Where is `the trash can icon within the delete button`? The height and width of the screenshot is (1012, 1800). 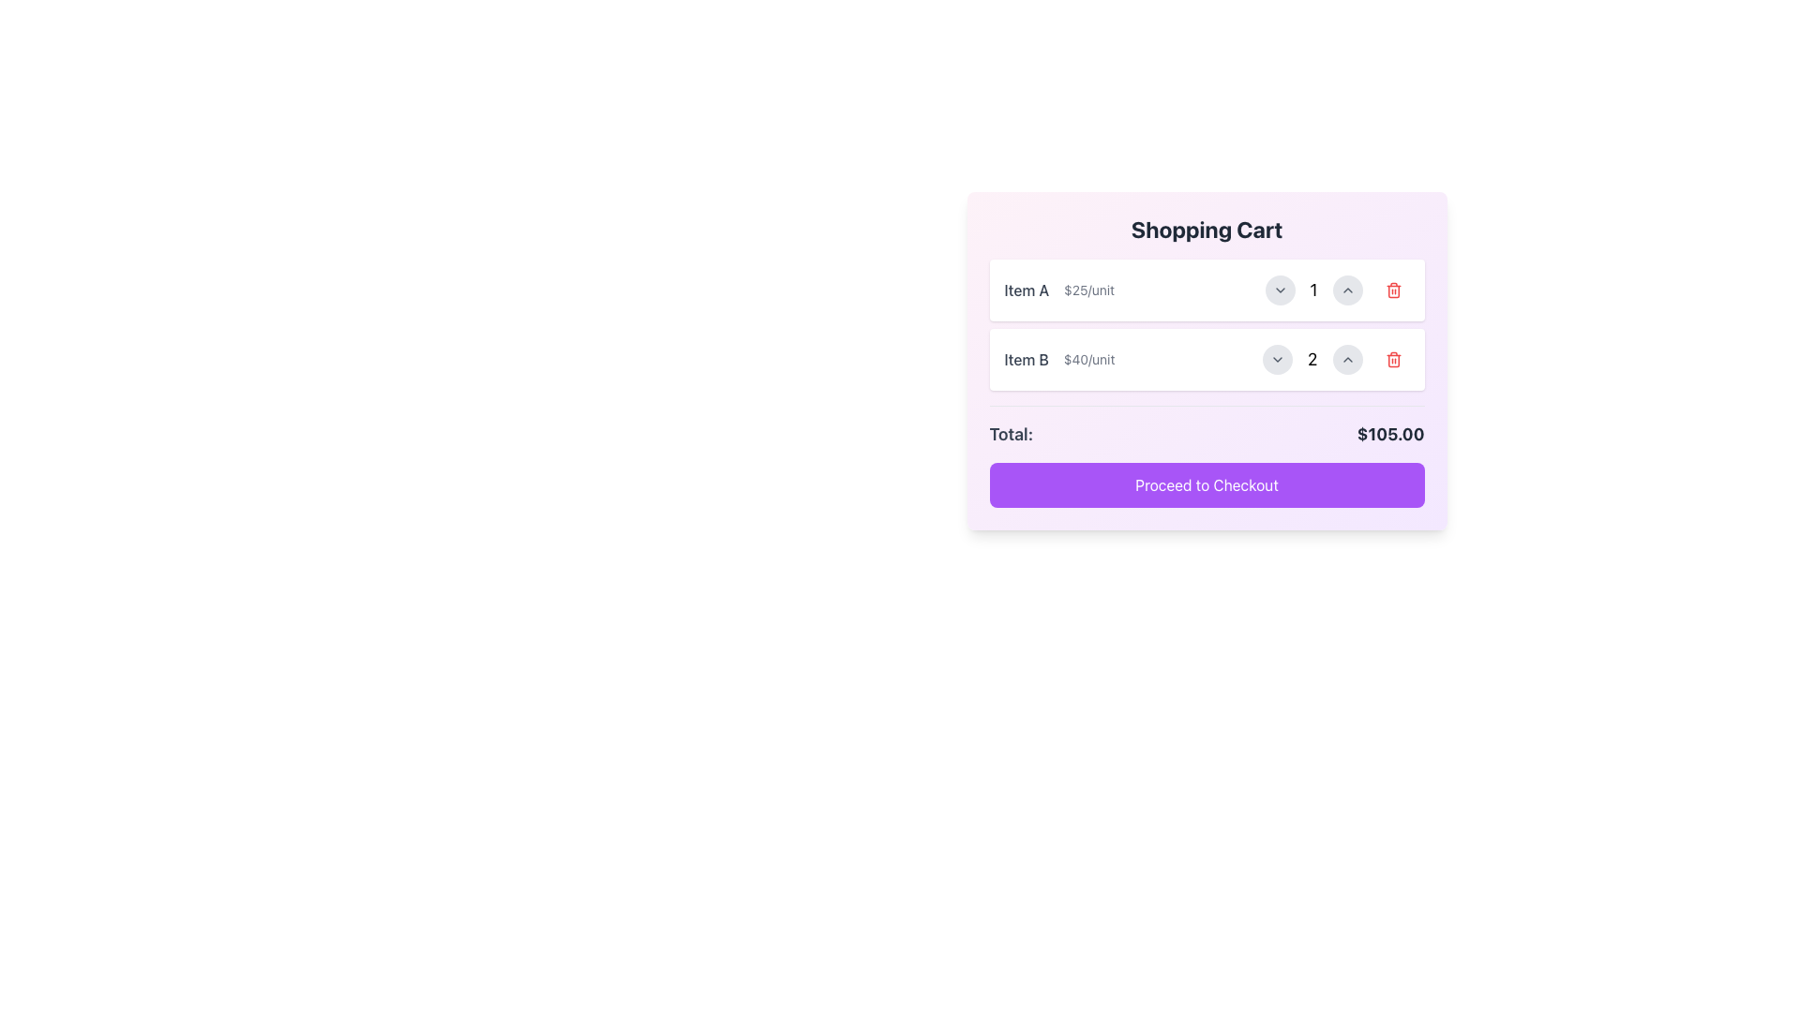 the trash can icon within the delete button is located at coordinates (1393, 291).